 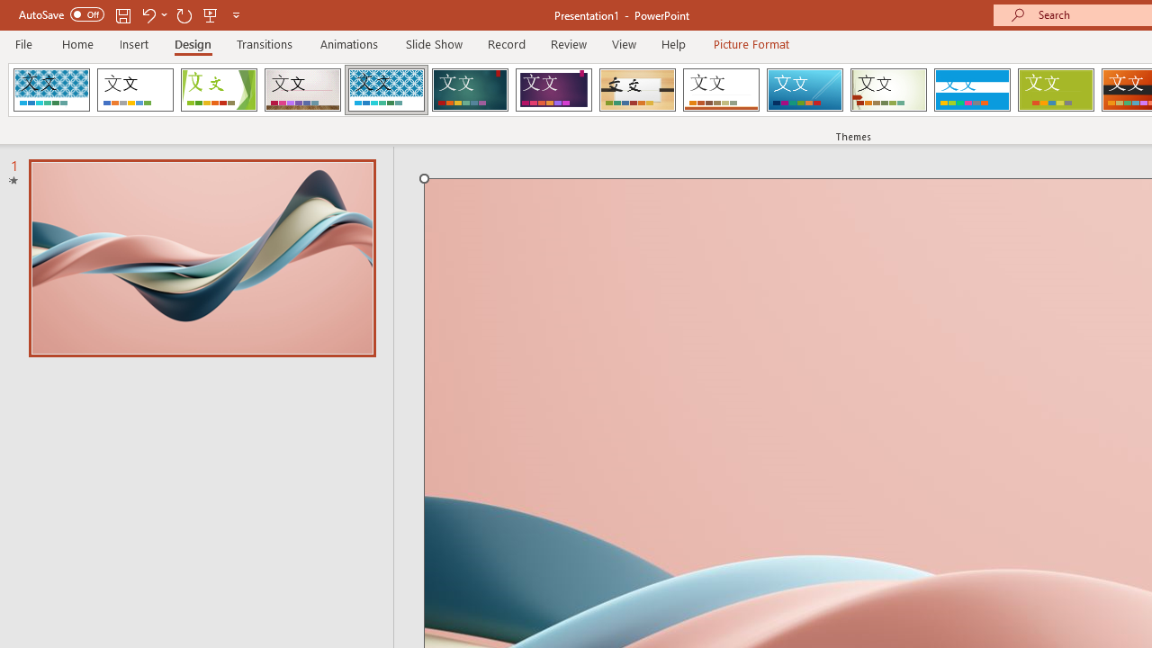 What do you see at coordinates (553, 90) in the screenshot?
I see `'Ion Boardroom'` at bounding box center [553, 90].